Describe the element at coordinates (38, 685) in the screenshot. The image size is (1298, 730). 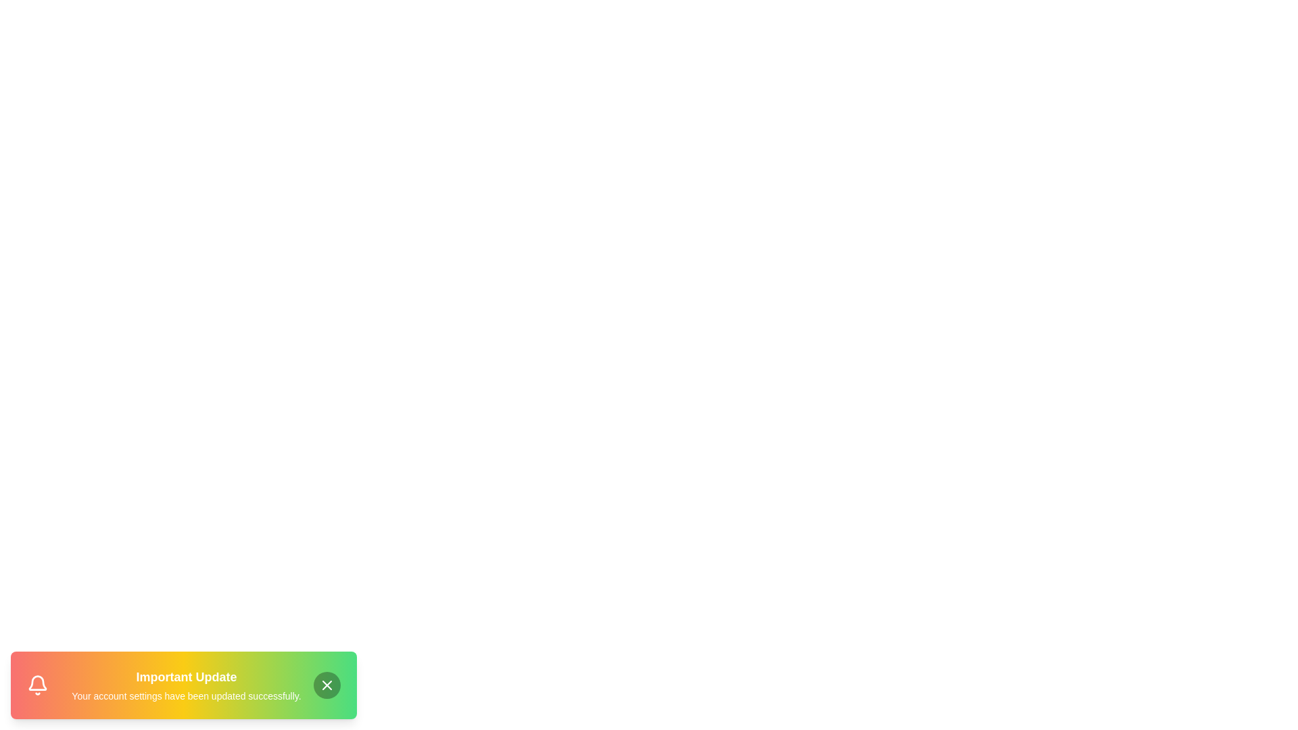
I see `the notification icon to interact with it` at that location.